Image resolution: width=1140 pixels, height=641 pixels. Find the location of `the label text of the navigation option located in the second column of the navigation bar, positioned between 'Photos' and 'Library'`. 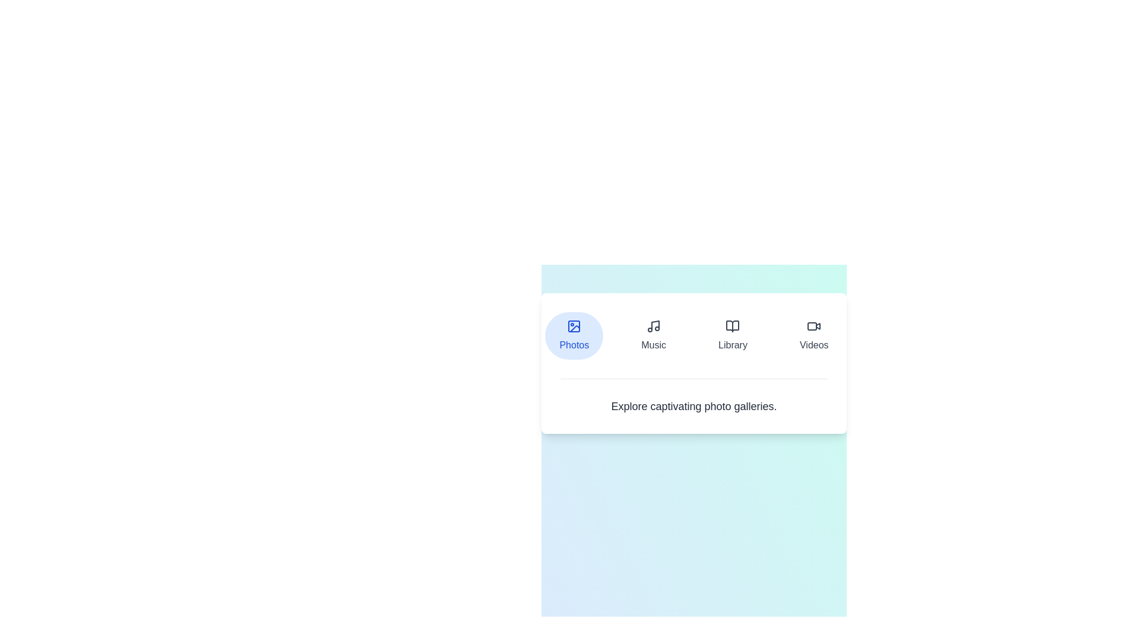

the label text of the navigation option located in the second column of the navigation bar, positioned between 'Photos' and 'Library' is located at coordinates (653, 345).